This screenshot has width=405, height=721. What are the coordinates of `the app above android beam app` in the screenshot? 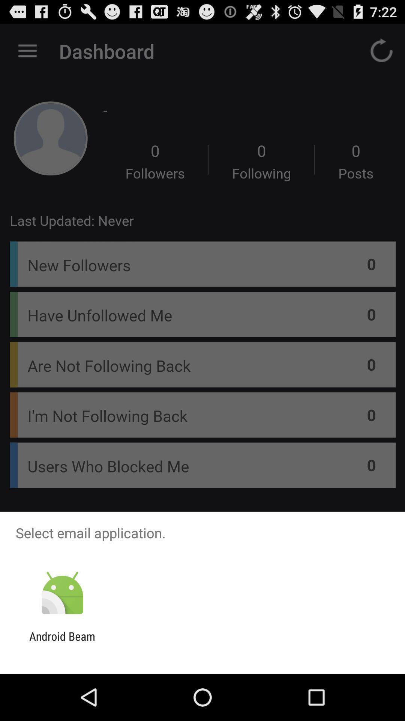 It's located at (62, 593).